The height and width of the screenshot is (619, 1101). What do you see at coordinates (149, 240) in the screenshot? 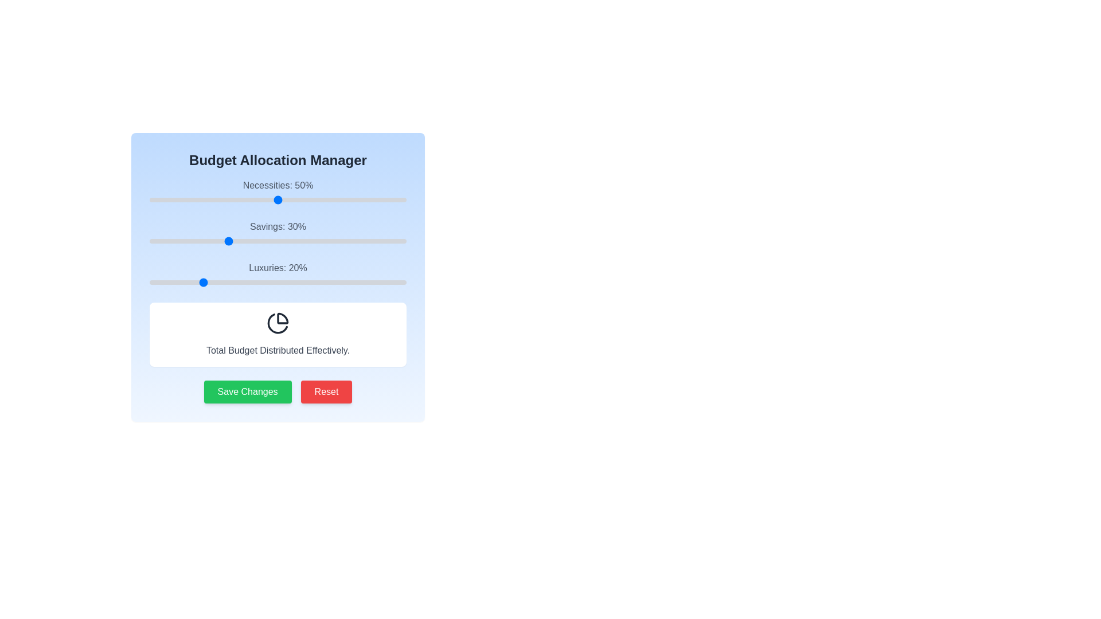
I see `savings percentage` at bounding box center [149, 240].